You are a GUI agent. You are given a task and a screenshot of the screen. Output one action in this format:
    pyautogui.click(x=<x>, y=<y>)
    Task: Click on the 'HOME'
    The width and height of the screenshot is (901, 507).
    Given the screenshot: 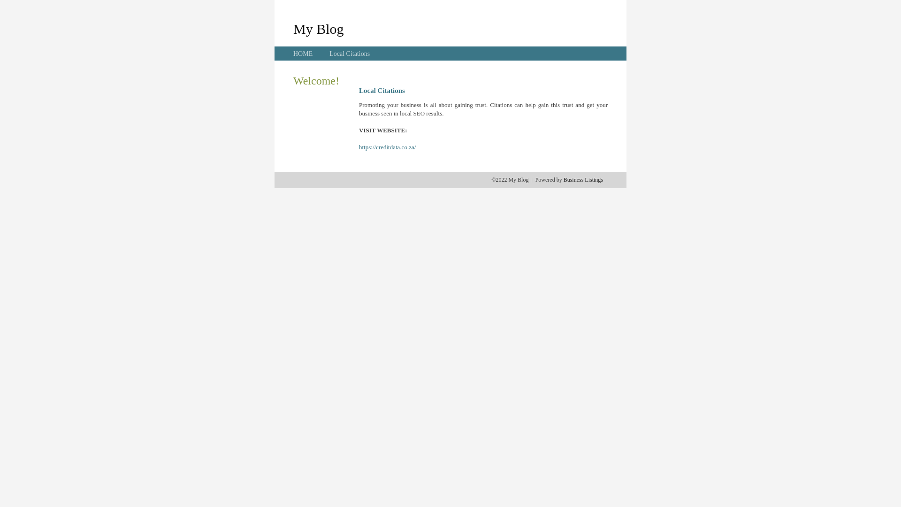 What is the action you would take?
    pyautogui.click(x=303, y=54)
    